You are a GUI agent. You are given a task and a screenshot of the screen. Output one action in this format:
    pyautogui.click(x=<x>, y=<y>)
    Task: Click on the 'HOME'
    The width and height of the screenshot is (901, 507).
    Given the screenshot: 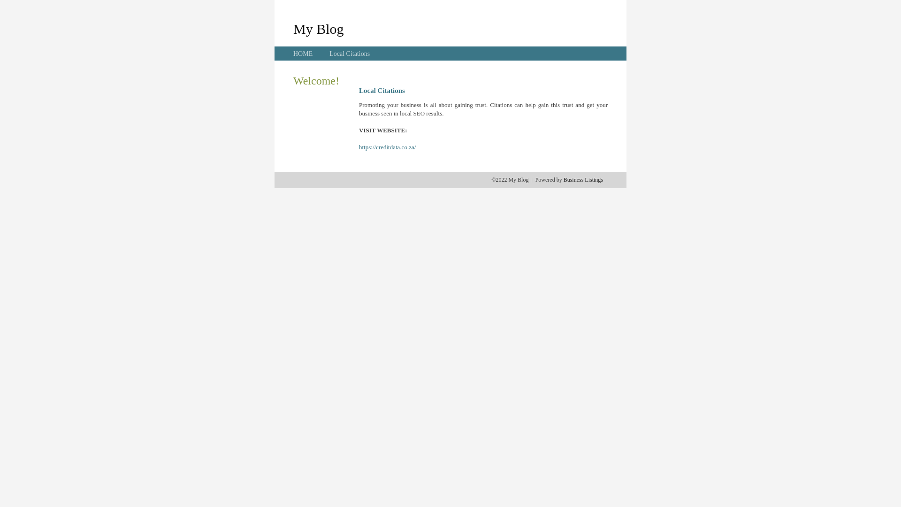 What is the action you would take?
    pyautogui.click(x=303, y=54)
    